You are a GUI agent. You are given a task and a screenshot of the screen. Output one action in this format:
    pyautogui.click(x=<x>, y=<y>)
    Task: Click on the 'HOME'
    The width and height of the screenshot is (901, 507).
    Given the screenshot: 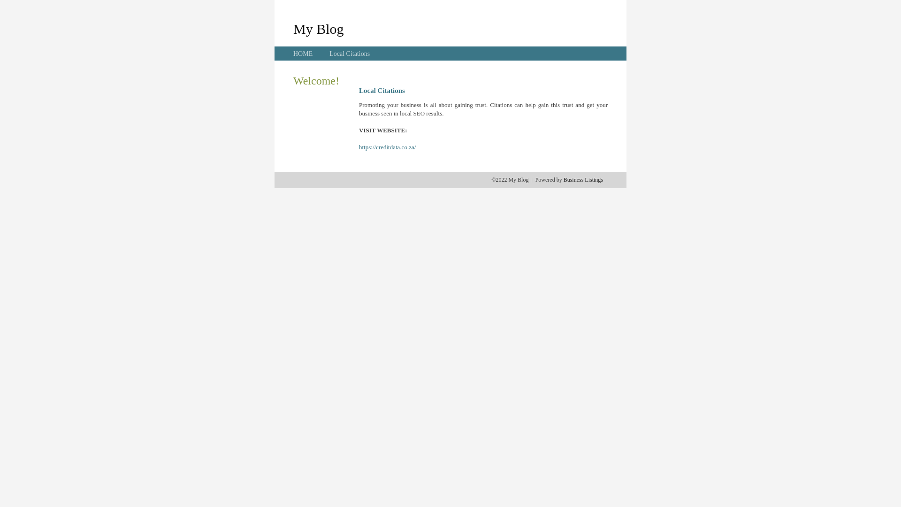 What is the action you would take?
    pyautogui.click(x=303, y=54)
    